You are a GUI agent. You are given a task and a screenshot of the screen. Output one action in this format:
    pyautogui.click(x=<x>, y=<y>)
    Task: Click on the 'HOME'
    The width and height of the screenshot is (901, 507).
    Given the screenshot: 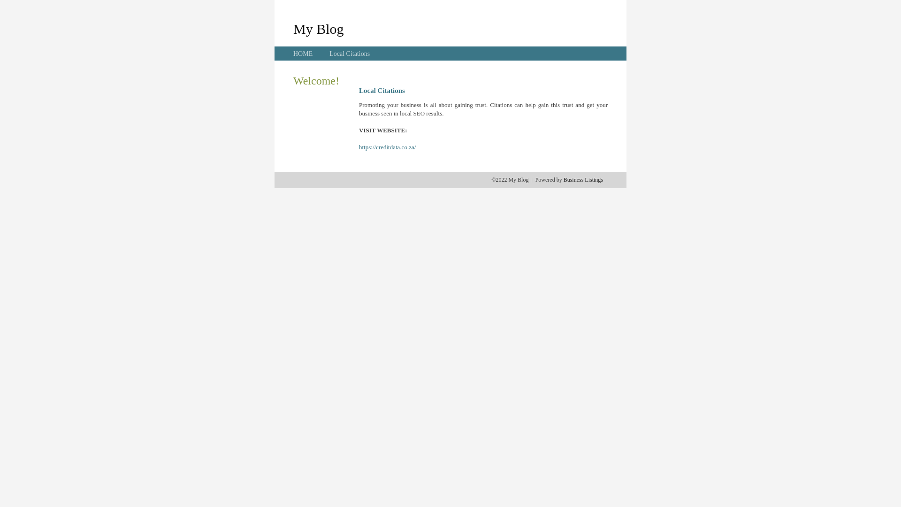 What is the action you would take?
    pyautogui.click(x=303, y=54)
    